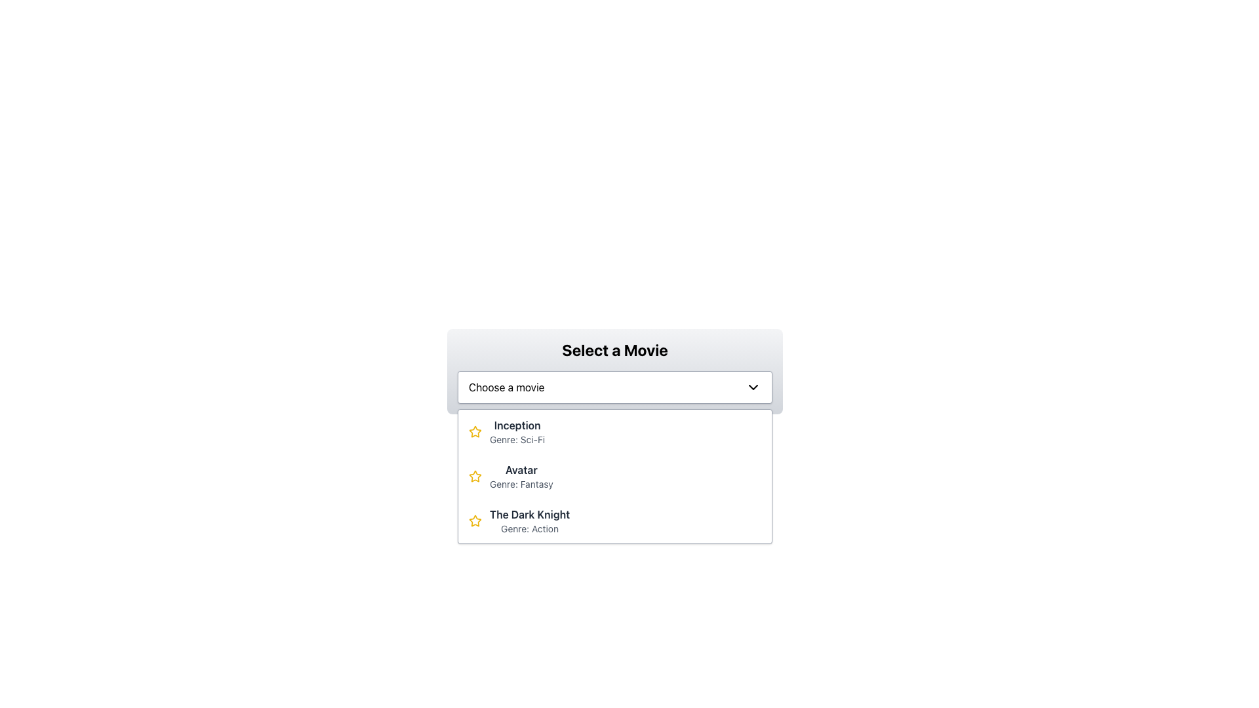 The height and width of the screenshot is (708, 1259). What do you see at coordinates (517, 440) in the screenshot?
I see `the text label displaying the genre of the movie, which reads 'Genre: Sci-Fi', located directly below the movie title 'Inception'` at bounding box center [517, 440].